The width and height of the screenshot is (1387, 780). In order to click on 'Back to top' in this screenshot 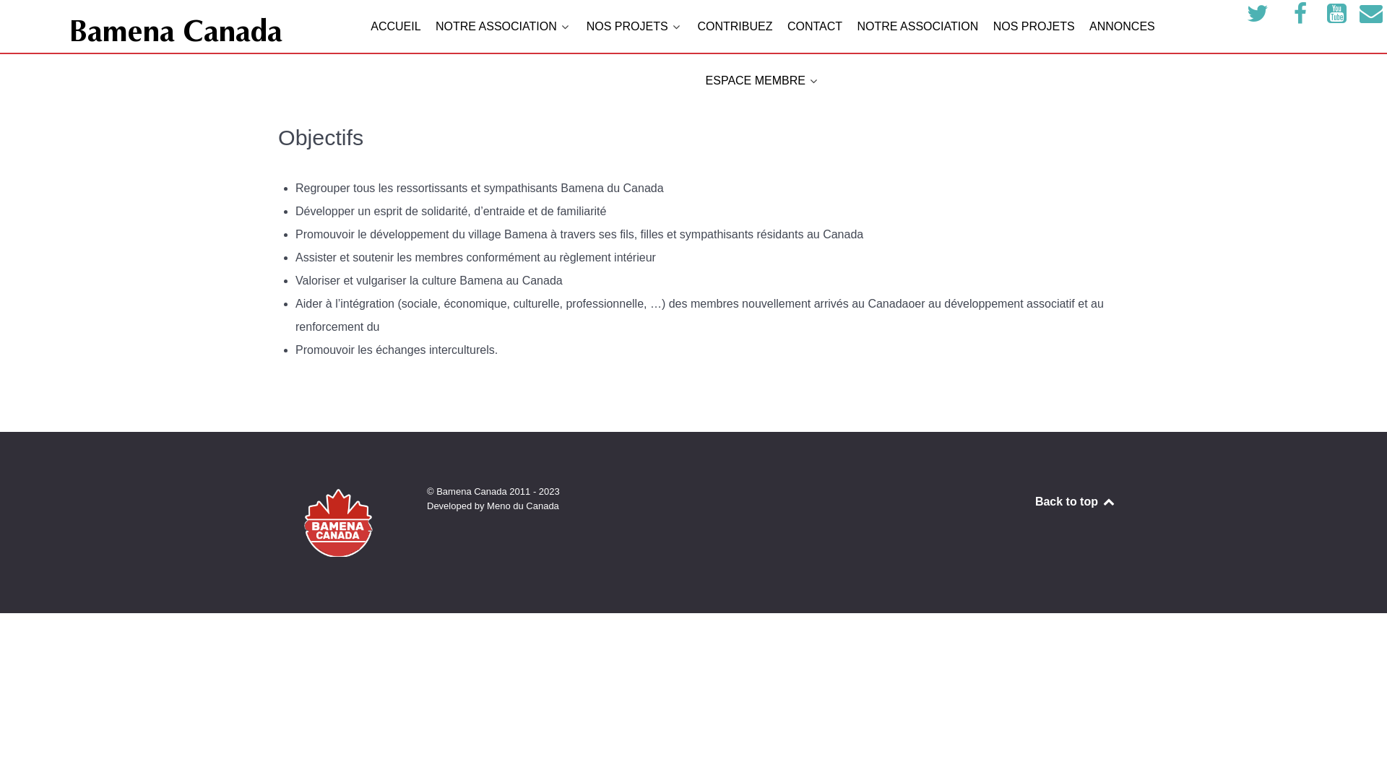, I will do `click(1075, 500)`.